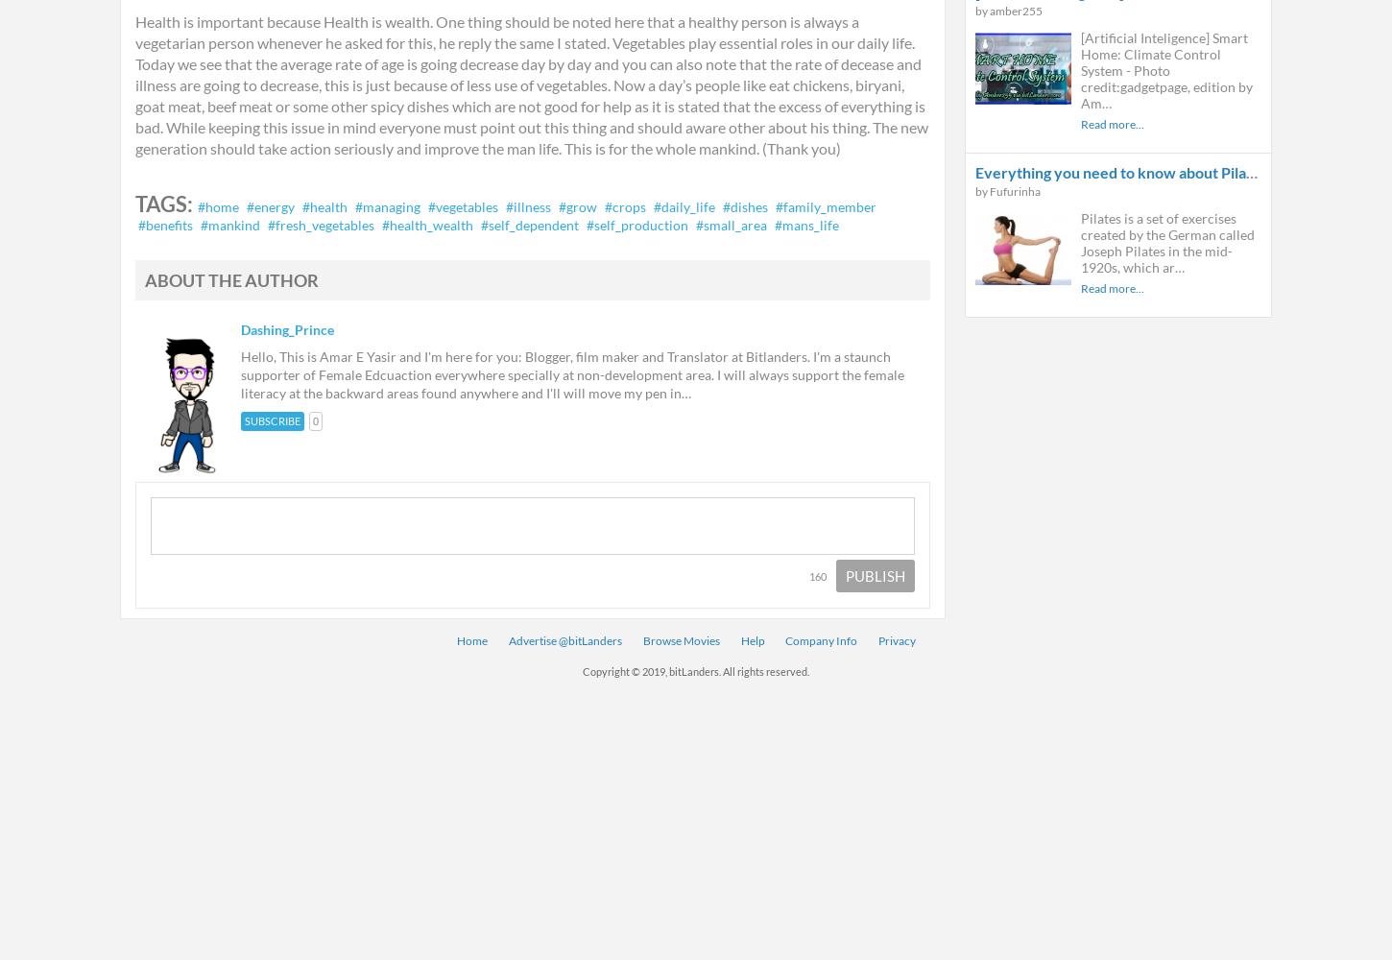 The image size is (1392, 960). I want to click on '#fresh_vegetables', so click(267, 224).